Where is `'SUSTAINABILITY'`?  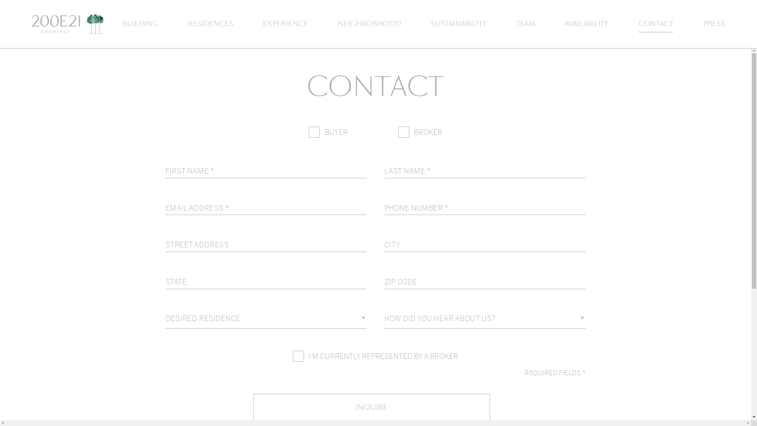
'SUSTAINABILITY' is located at coordinates (431, 24).